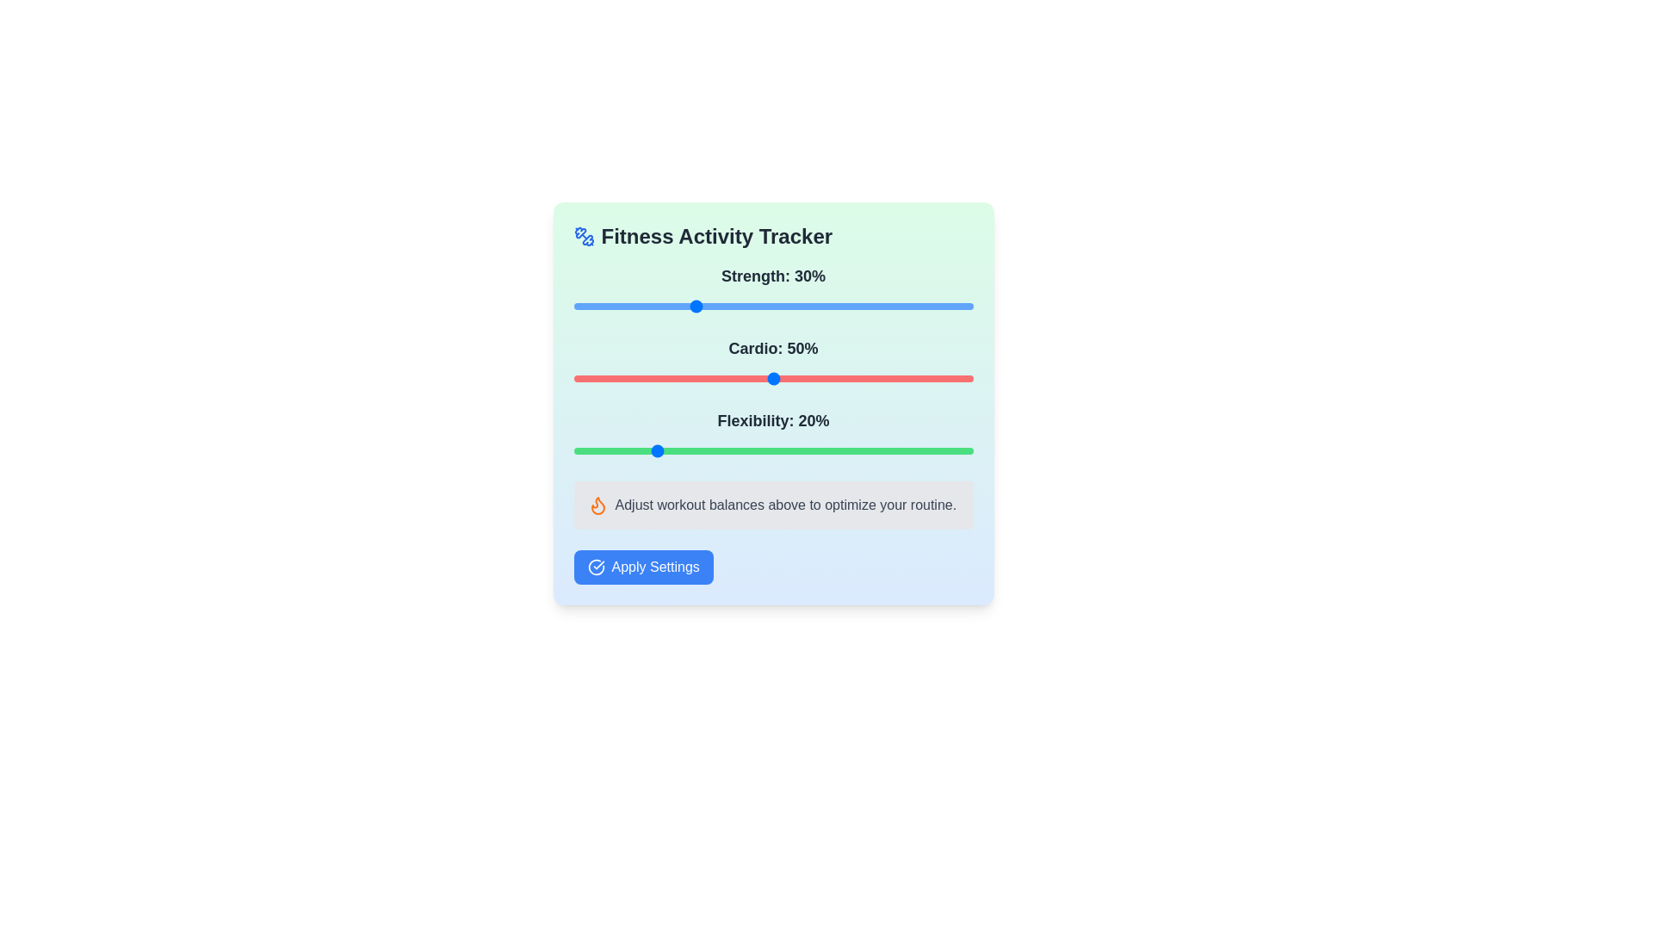  Describe the element at coordinates (642, 567) in the screenshot. I see `the apply settings button located near the bottom of the interface, centered horizontally beneath the workout balances summary text` at that location.